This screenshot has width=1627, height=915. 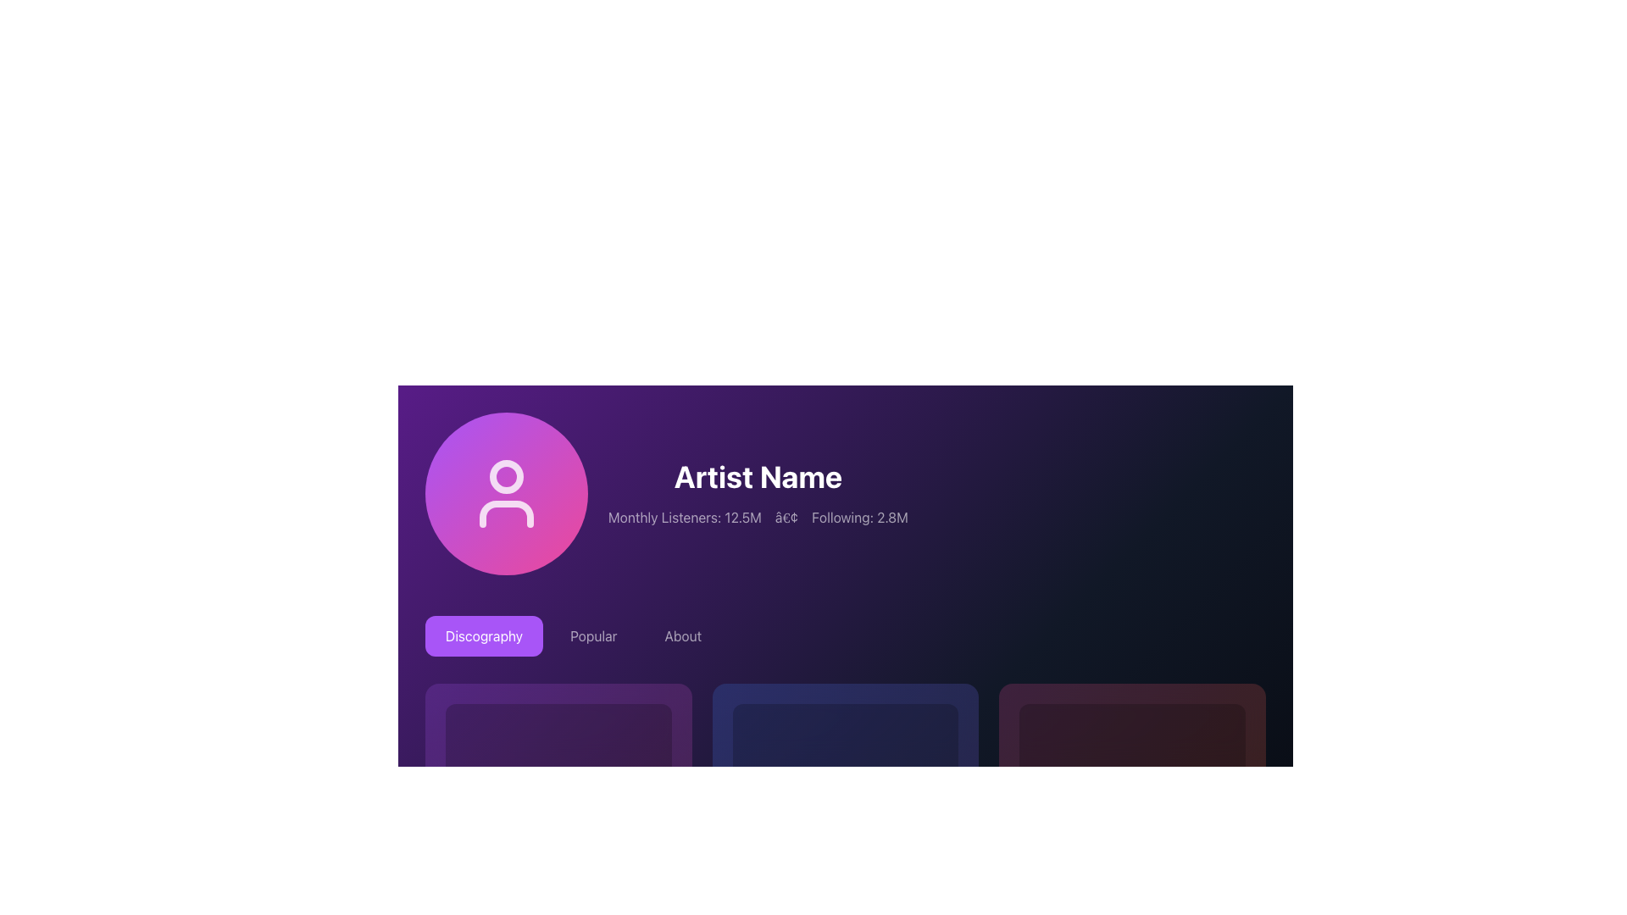 What do you see at coordinates (757, 516) in the screenshot?
I see `the text display showing statistics for 'Monthly Listeners: 12.5M' and 'Following: 2.8M'` at bounding box center [757, 516].